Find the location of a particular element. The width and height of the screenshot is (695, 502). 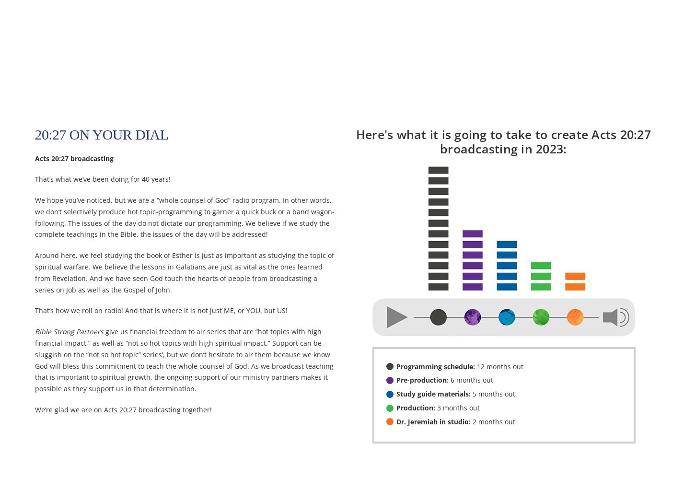

'Pre-production:' is located at coordinates (421, 379).